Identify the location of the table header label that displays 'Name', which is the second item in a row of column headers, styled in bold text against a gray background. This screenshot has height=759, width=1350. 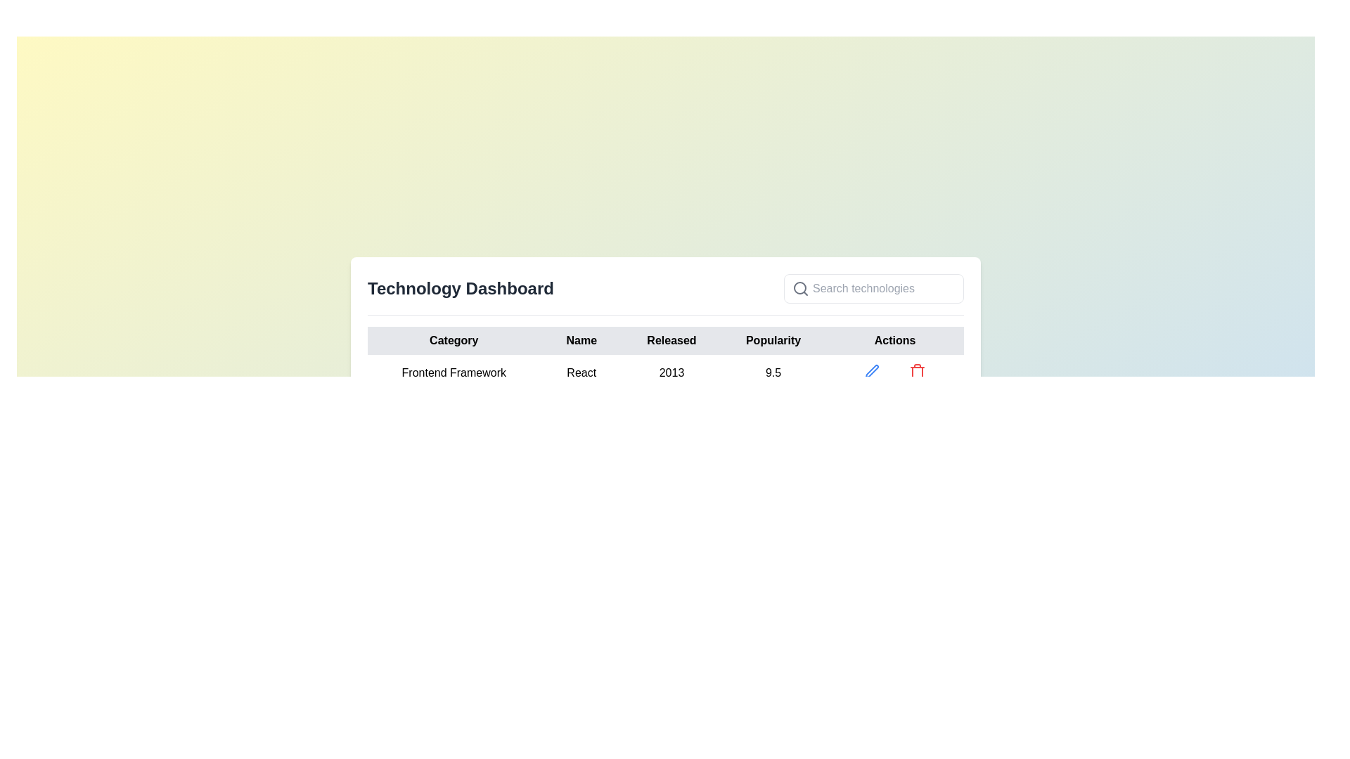
(581, 341).